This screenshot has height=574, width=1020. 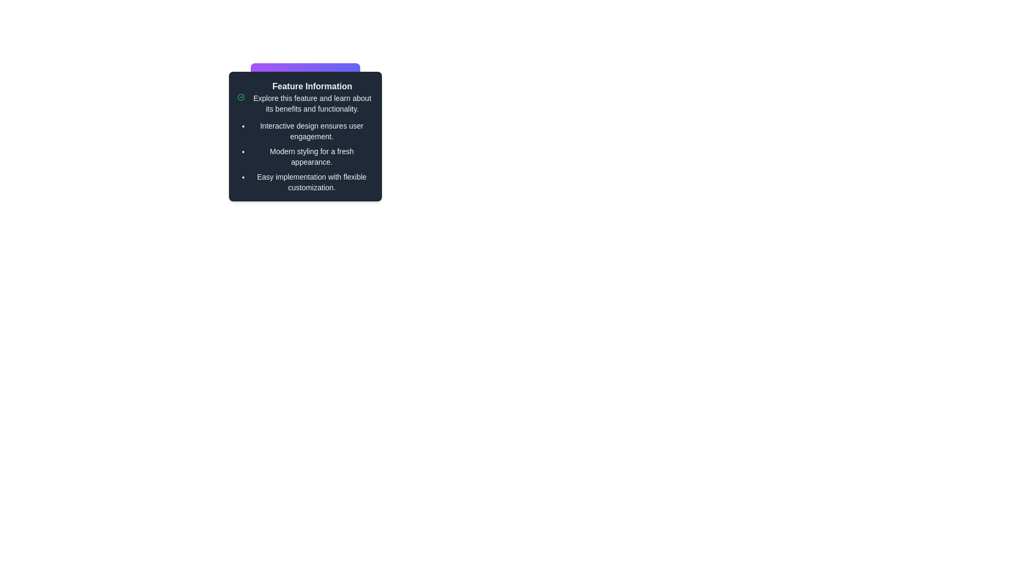 I want to click on content within the Informational panel located centrally below the 'Learn About Feature' button, so click(x=305, y=136).